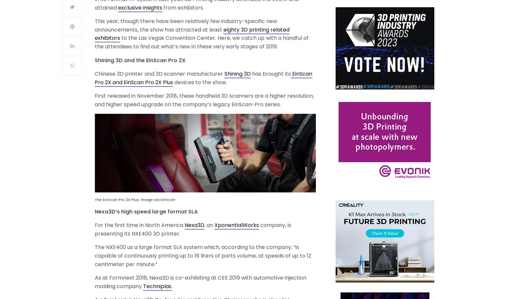 The height and width of the screenshot is (299, 510). Describe the element at coordinates (186, 25) in the screenshot. I see `'This year, though there have been relatively few industry-specific new announcements, the show has attracted at least'` at that location.